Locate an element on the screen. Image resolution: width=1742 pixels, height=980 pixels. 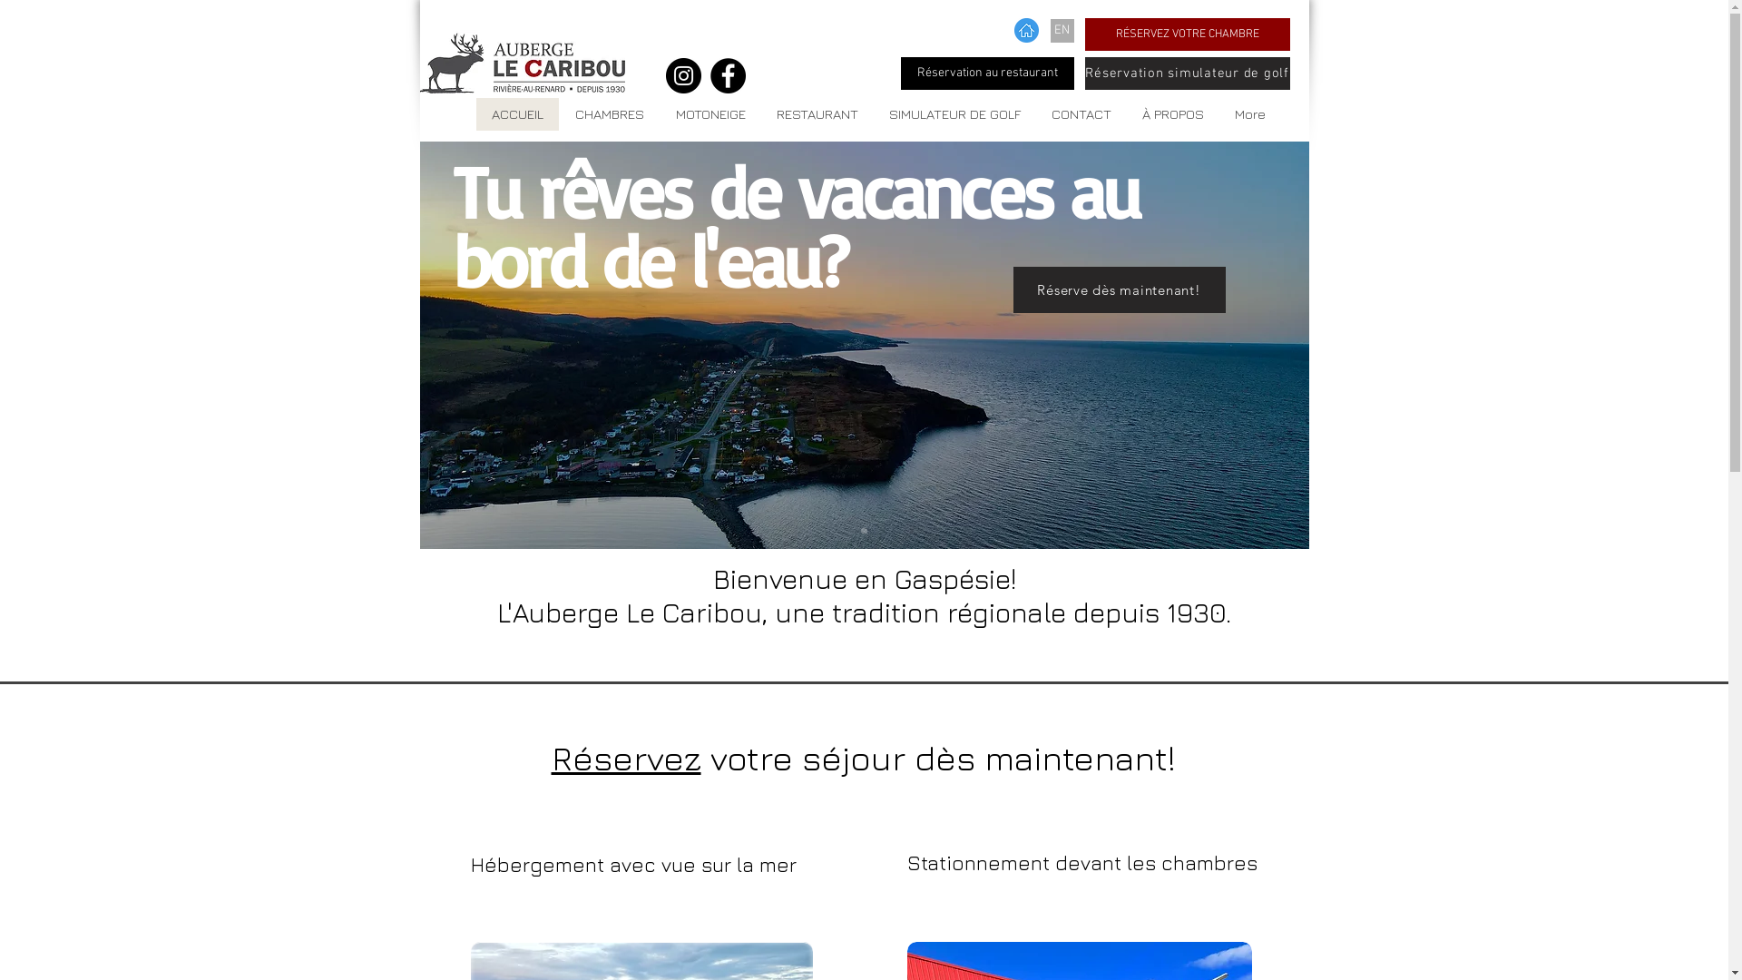
'RESTAURANT' is located at coordinates (816, 114).